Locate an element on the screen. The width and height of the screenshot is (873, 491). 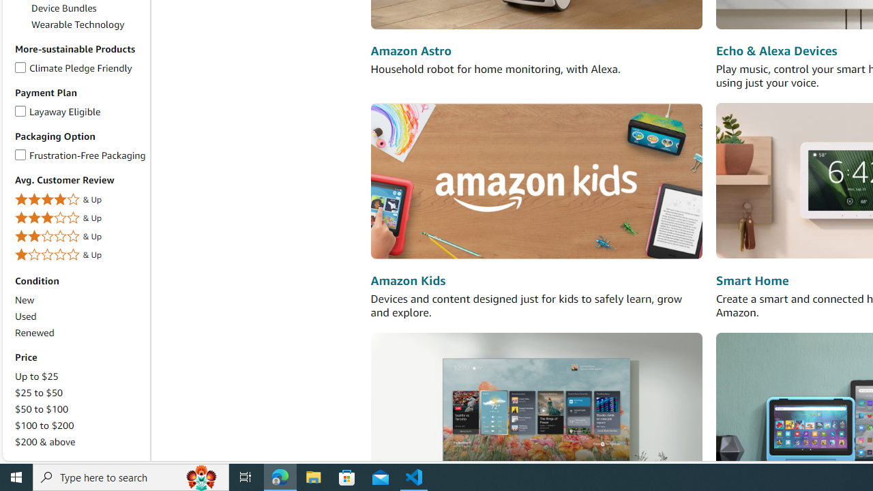
'Up to $25' is located at coordinates (36, 376).